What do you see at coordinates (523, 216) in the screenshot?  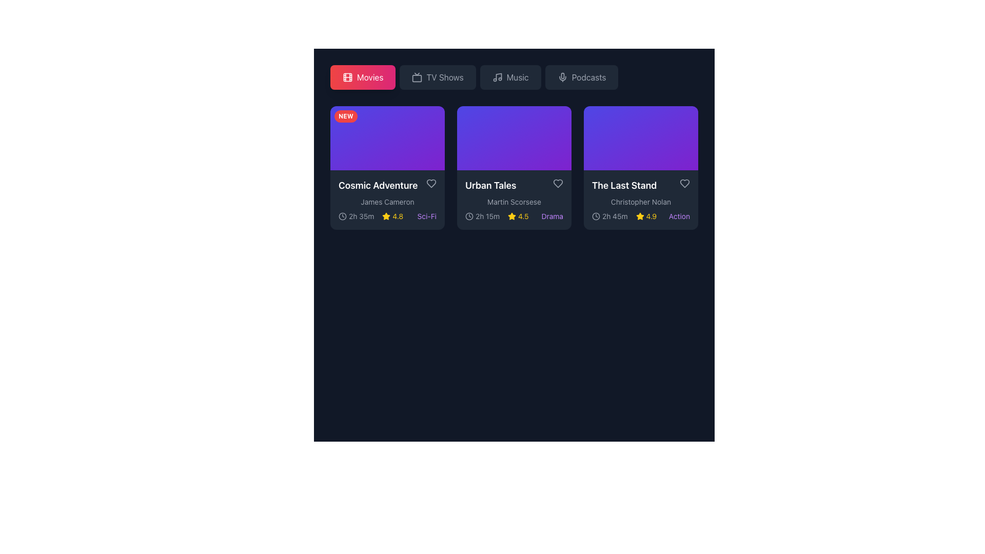 I see `rating score text displayed to the right of the star icon within the 'Urban Tales' card, under the genre label 'Drama' and above the duration information '2h 15m'` at bounding box center [523, 216].